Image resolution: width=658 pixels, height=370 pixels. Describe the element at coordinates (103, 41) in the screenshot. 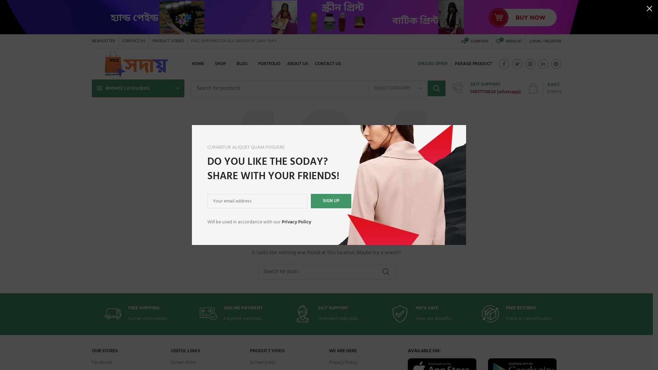

I see `'NEWSLETTER'` at that location.